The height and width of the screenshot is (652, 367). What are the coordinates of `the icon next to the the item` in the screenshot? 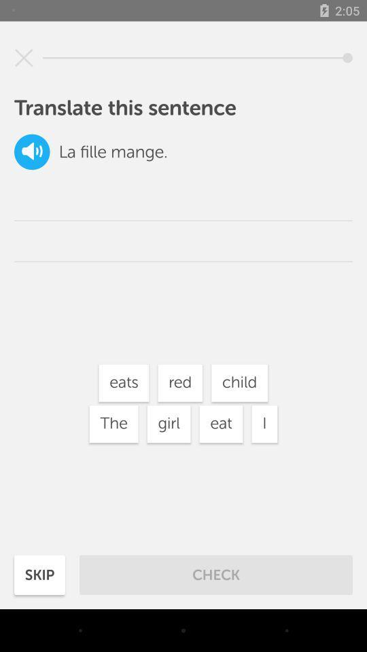 It's located at (169, 423).